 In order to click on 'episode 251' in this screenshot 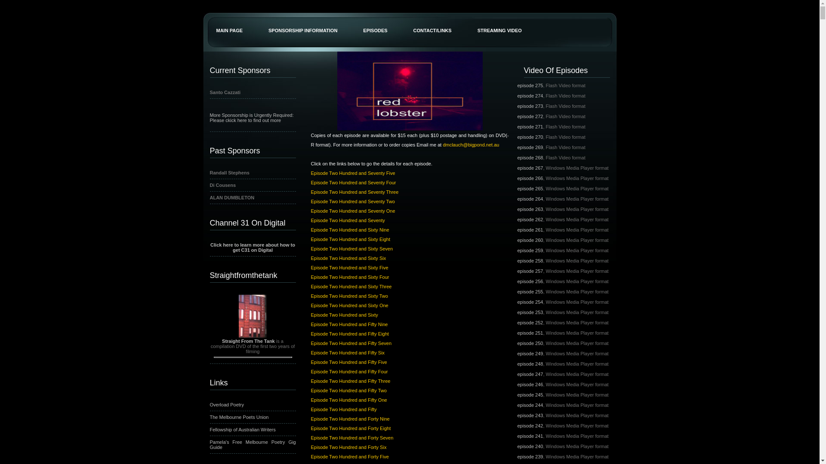, I will do `click(530, 333)`.